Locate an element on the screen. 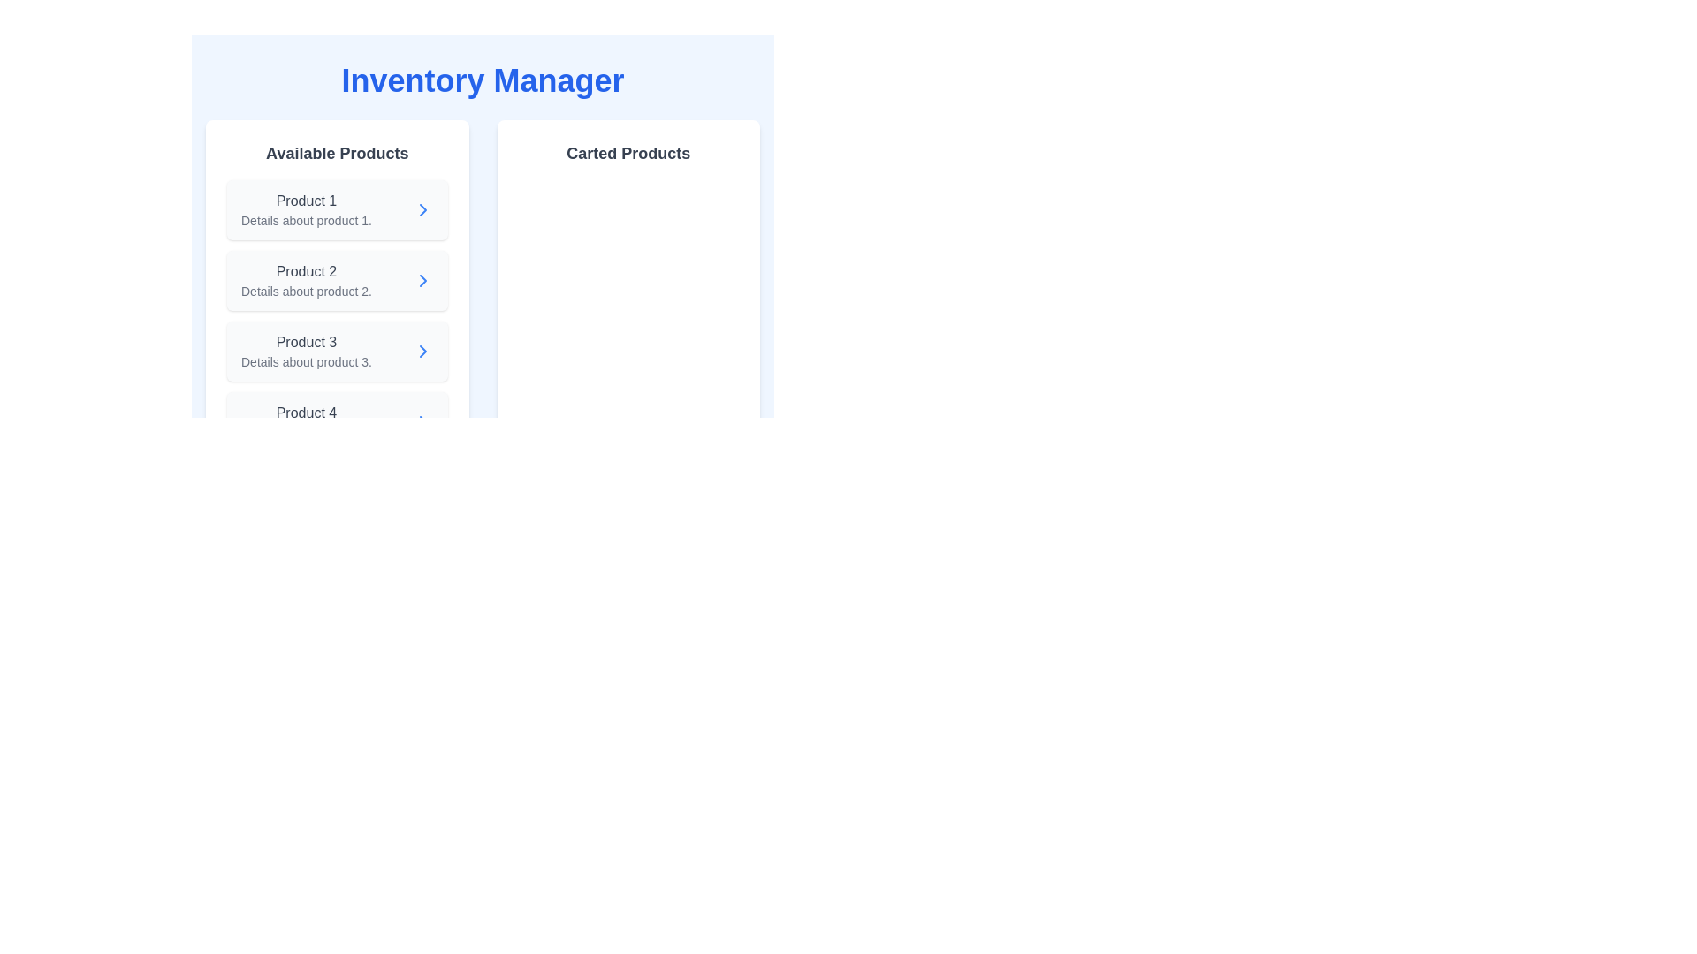 This screenshot has width=1697, height=954. the chevron icon associated with 'Product 2' is located at coordinates (422, 279).